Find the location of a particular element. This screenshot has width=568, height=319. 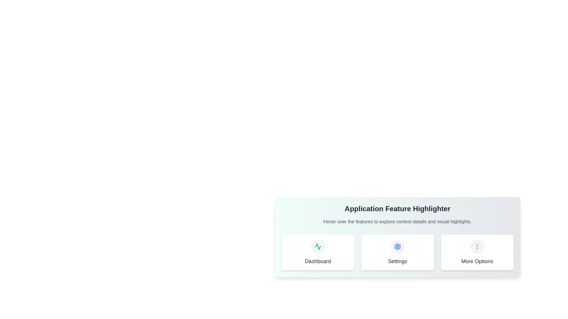

the circular icon with a light gray background and blue cogwheel symbol located at the center-top part of the 'Settings' card is located at coordinates (398, 246).